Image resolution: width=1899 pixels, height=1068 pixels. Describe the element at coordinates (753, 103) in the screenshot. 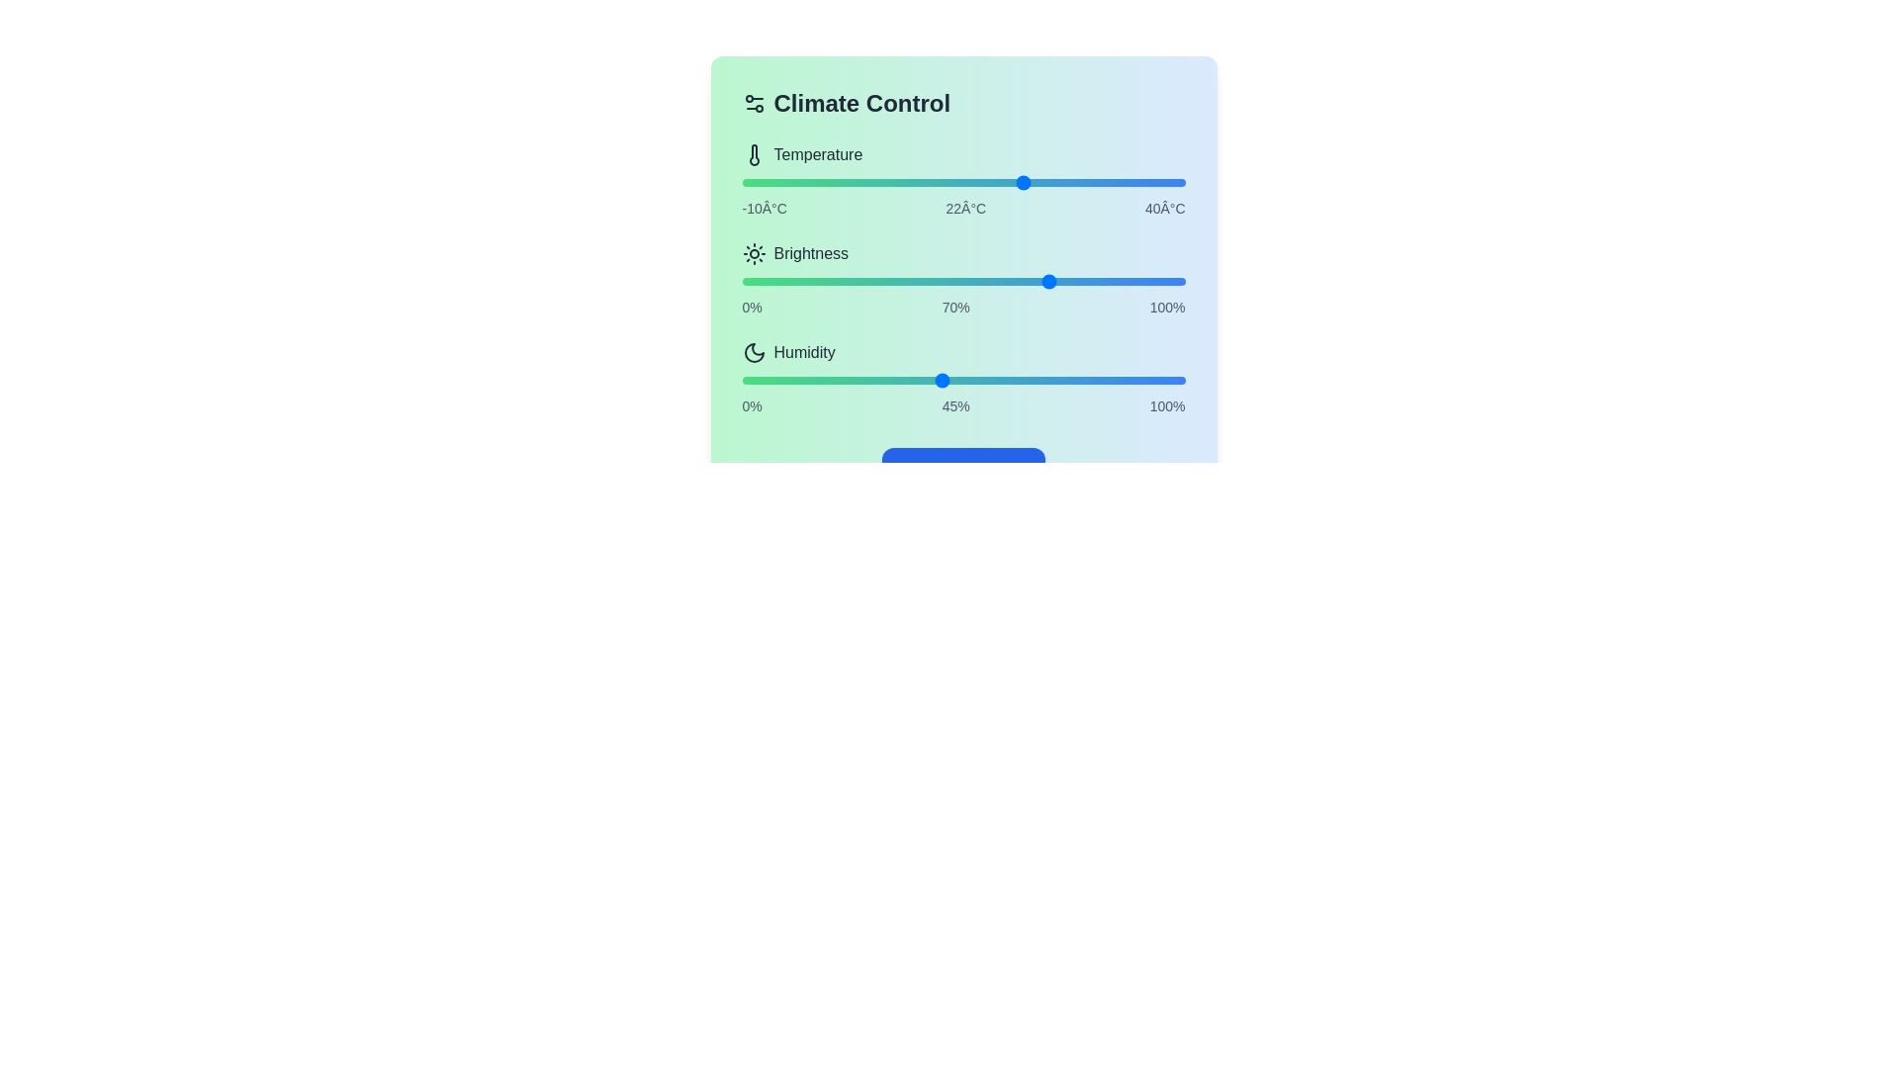

I see `the settings control panel icon, which is styled with circular shapes connected by lines, located to the left of the 'Climate Control' title in the header section` at that location.